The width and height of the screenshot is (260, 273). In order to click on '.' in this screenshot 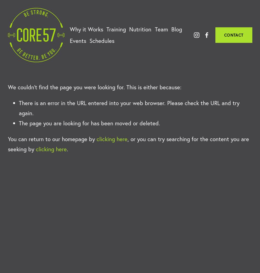, I will do `click(66, 149)`.